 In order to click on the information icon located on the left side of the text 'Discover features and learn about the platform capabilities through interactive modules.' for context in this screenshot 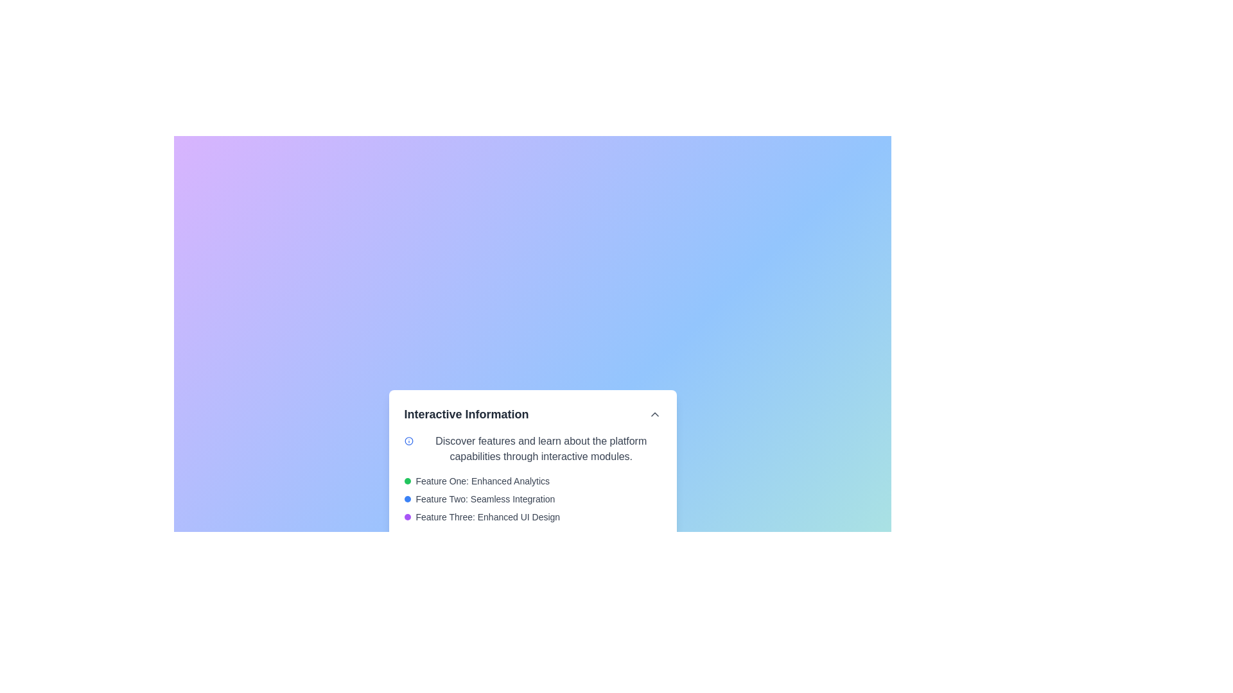, I will do `click(408, 440)`.